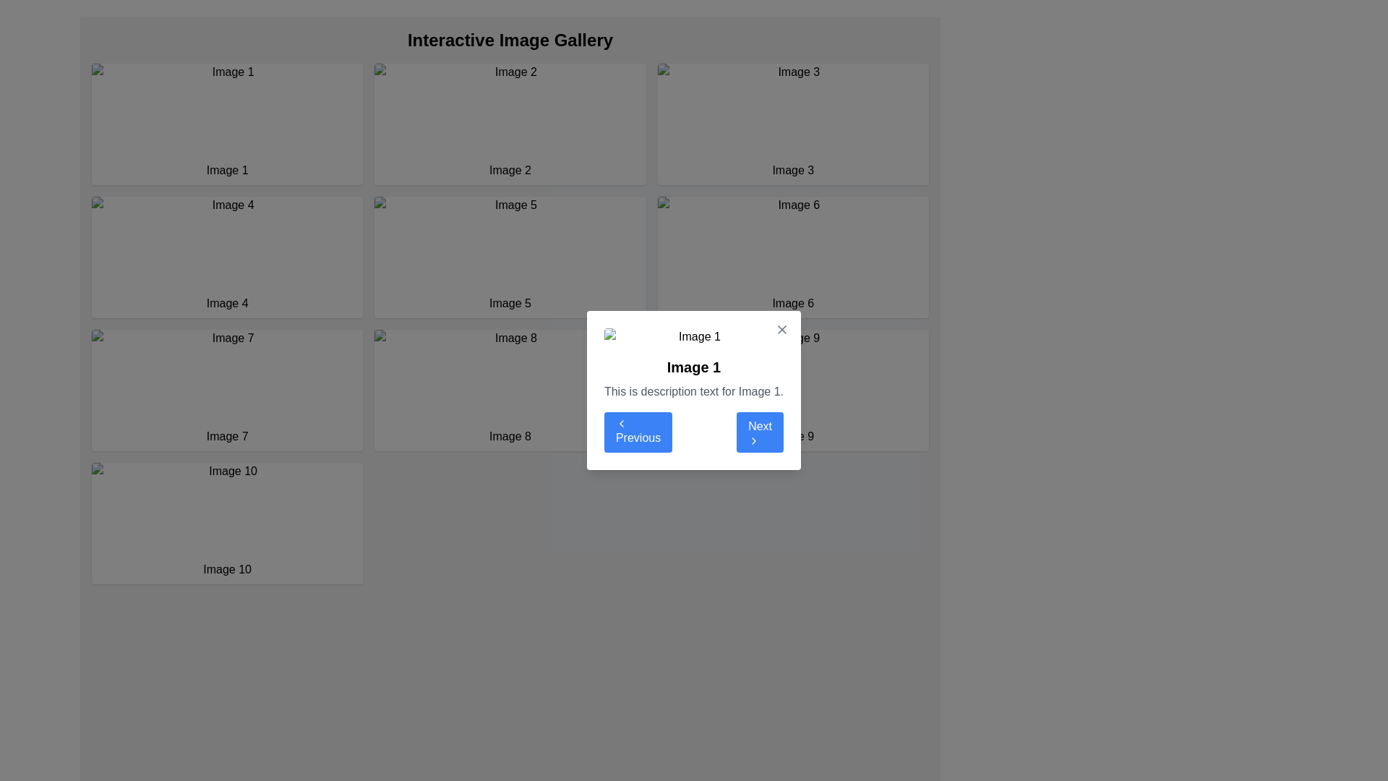  Describe the element at coordinates (759, 431) in the screenshot. I see `the 'Next' button, which is a rectangular button with white text on a blue background and a right-arrow icon, located` at that location.